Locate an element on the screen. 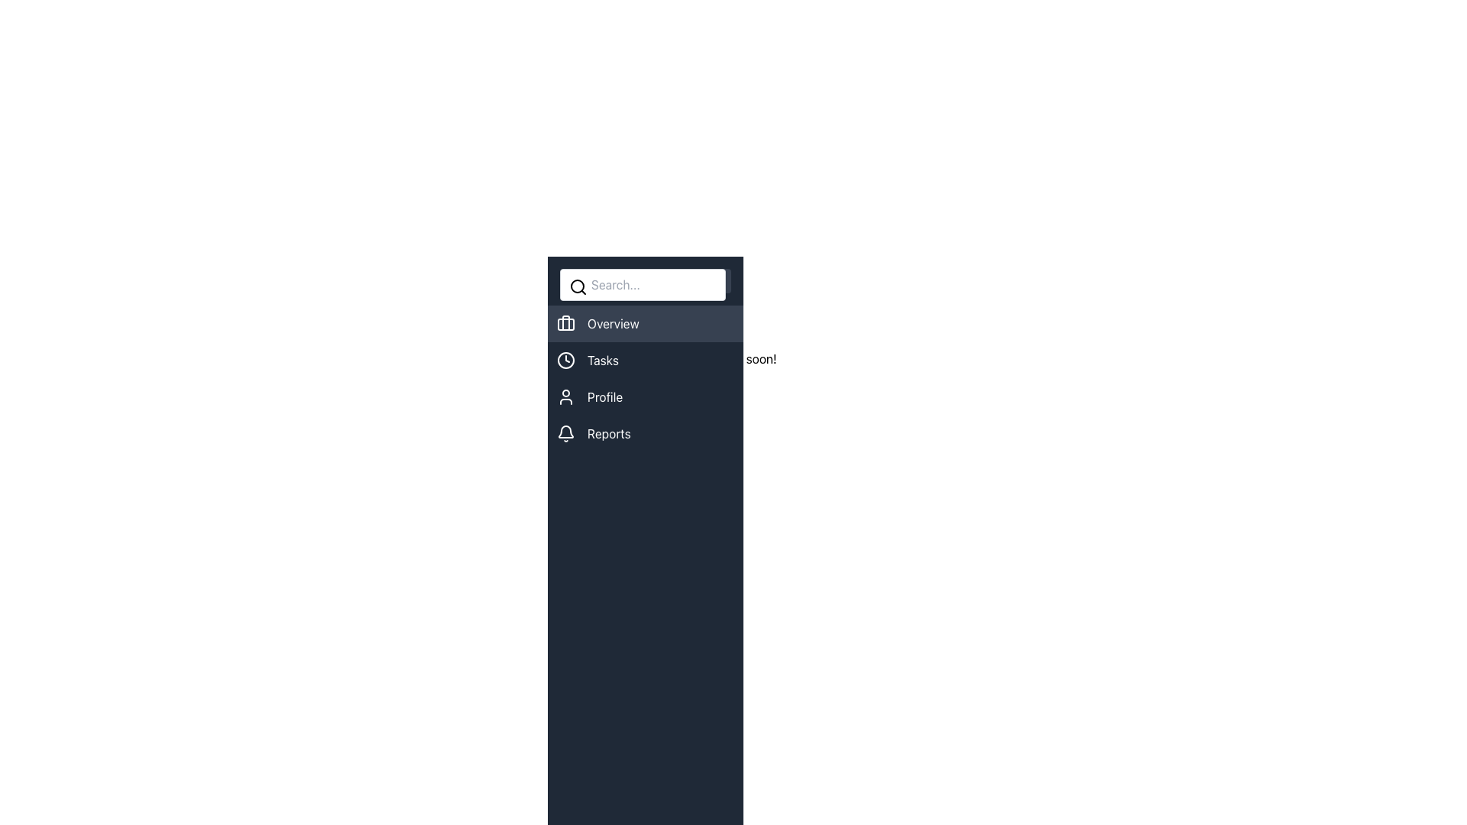 Image resolution: width=1467 pixels, height=825 pixels. the 'Overview' section title located at the top of the sidebar navigation panel, which indicates the content or purpose of the related section is located at coordinates (688, 324).